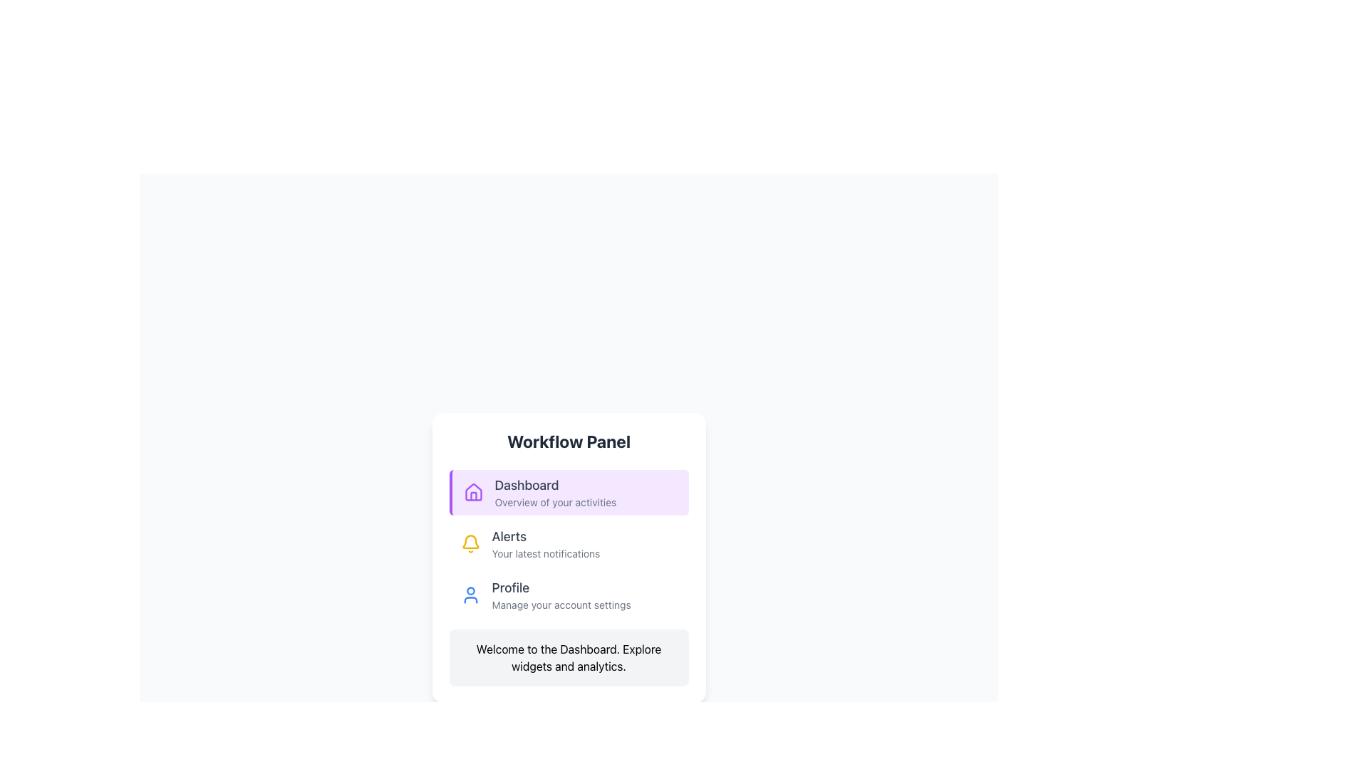  Describe the element at coordinates (470, 543) in the screenshot. I see `the 'Alerts' icon in the Workflow Panel` at that location.